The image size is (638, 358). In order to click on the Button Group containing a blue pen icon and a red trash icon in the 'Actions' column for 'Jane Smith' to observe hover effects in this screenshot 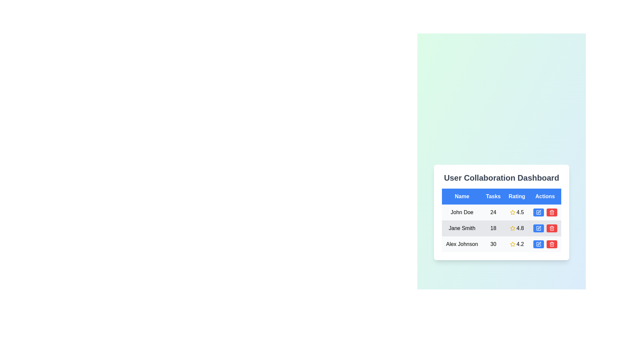, I will do `click(545, 228)`.